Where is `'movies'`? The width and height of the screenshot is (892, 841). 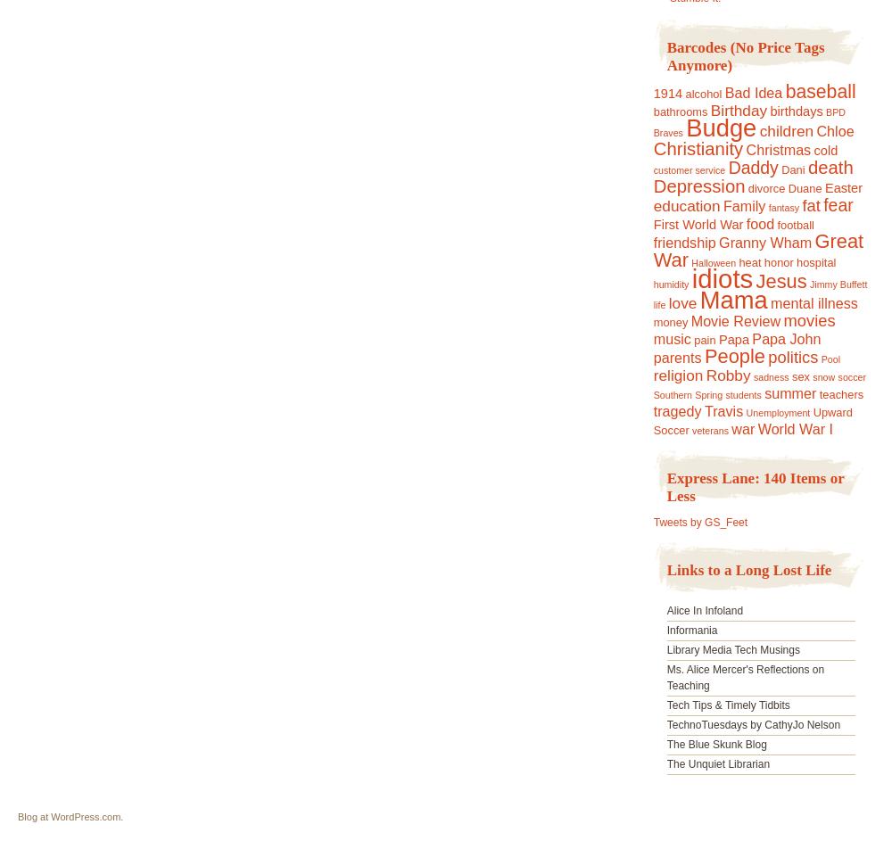
'movies' is located at coordinates (783, 319).